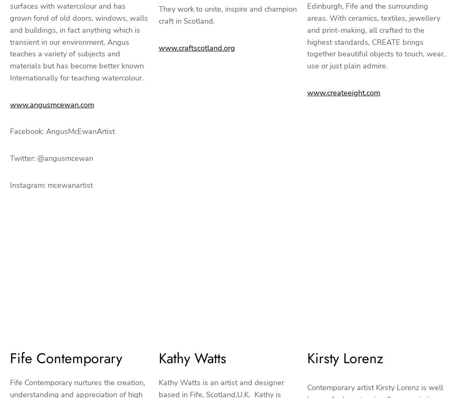  What do you see at coordinates (158, 15) in the screenshot?
I see `'They work to unite, inspire and champion craft in Scotland.'` at bounding box center [158, 15].